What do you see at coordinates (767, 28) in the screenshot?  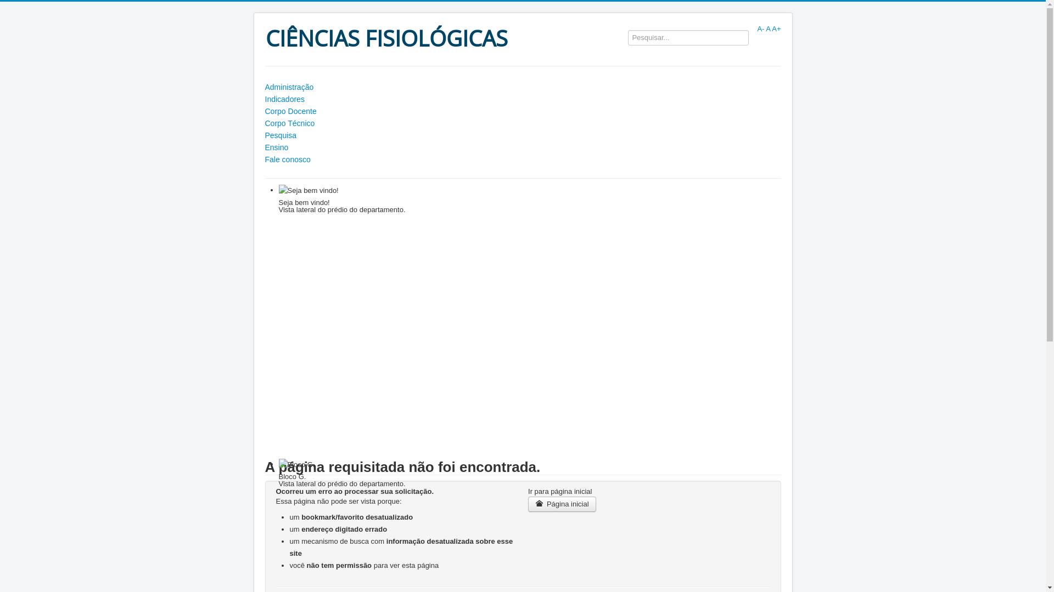 I see `'A'` at bounding box center [767, 28].